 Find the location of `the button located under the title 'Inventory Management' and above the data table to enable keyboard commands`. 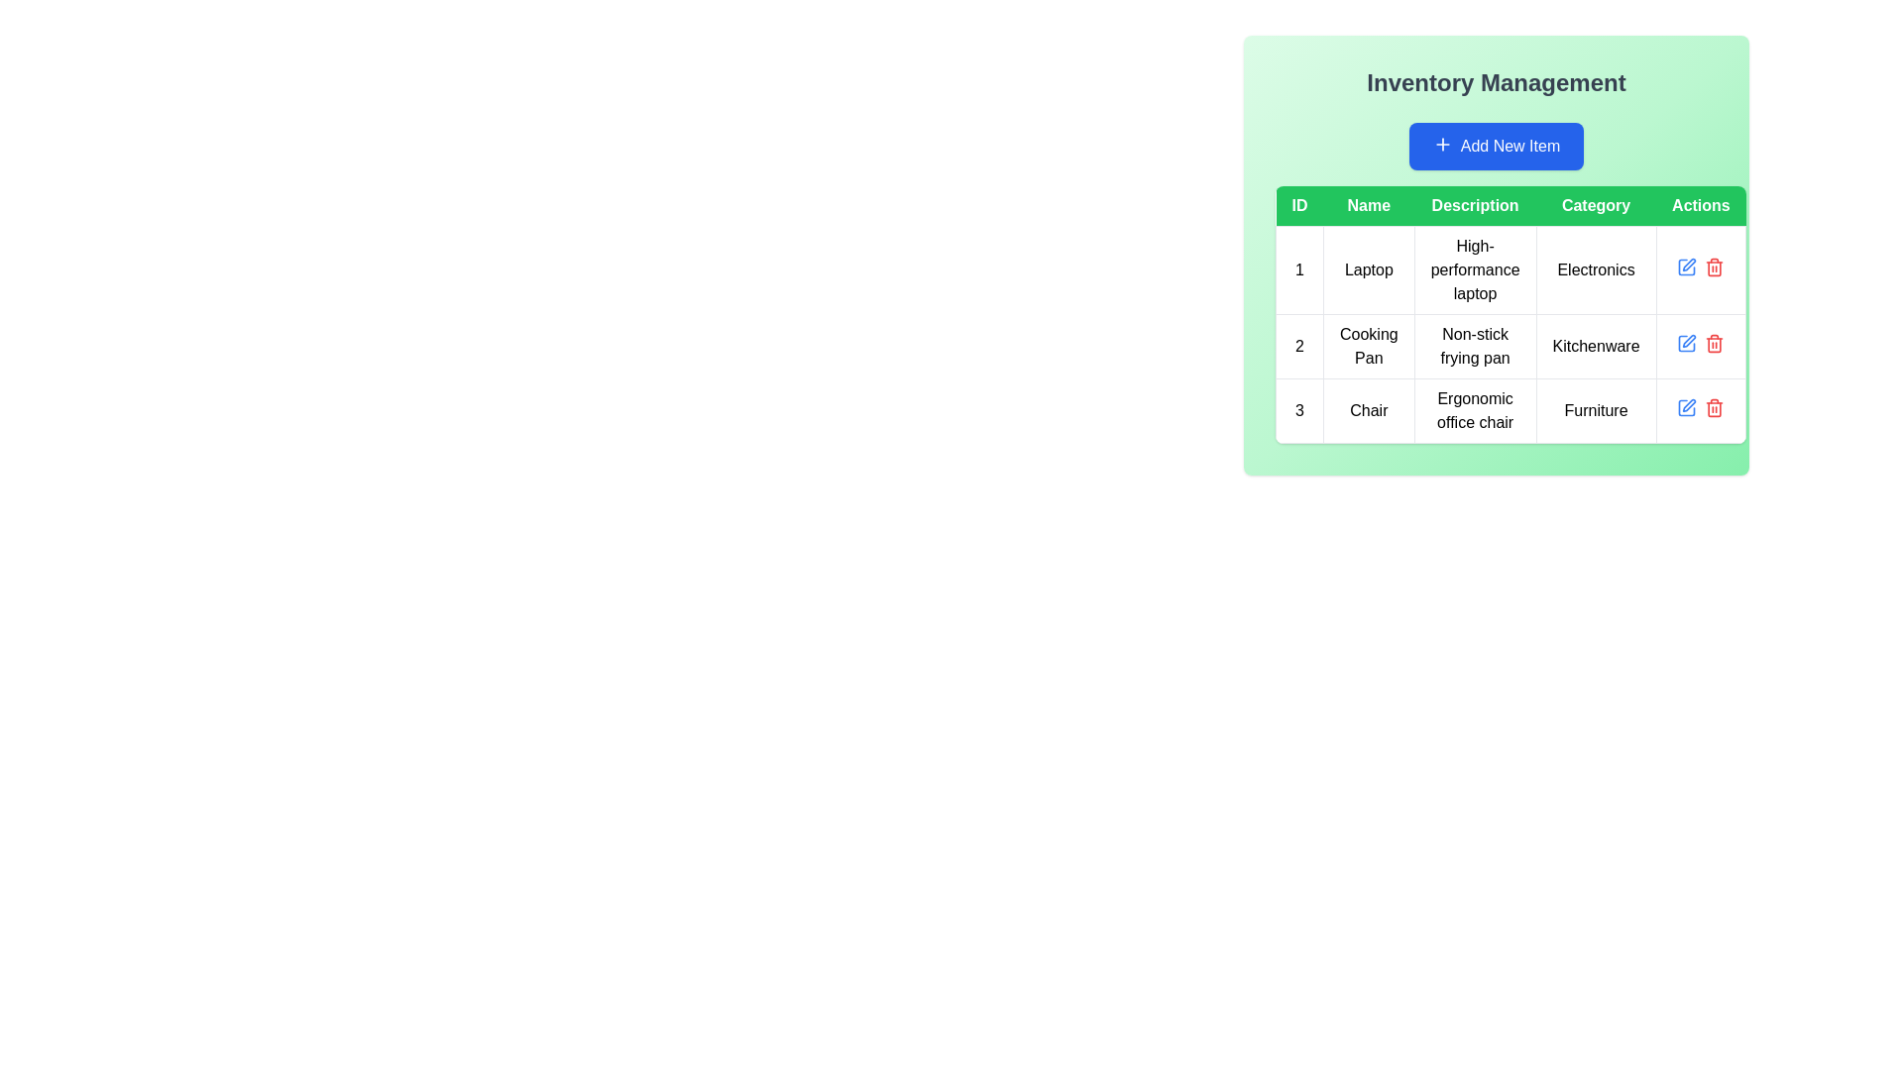

the button located under the title 'Inventory Management' and above the data table to enable keyboard commands is located at coordinates (1497, 145).